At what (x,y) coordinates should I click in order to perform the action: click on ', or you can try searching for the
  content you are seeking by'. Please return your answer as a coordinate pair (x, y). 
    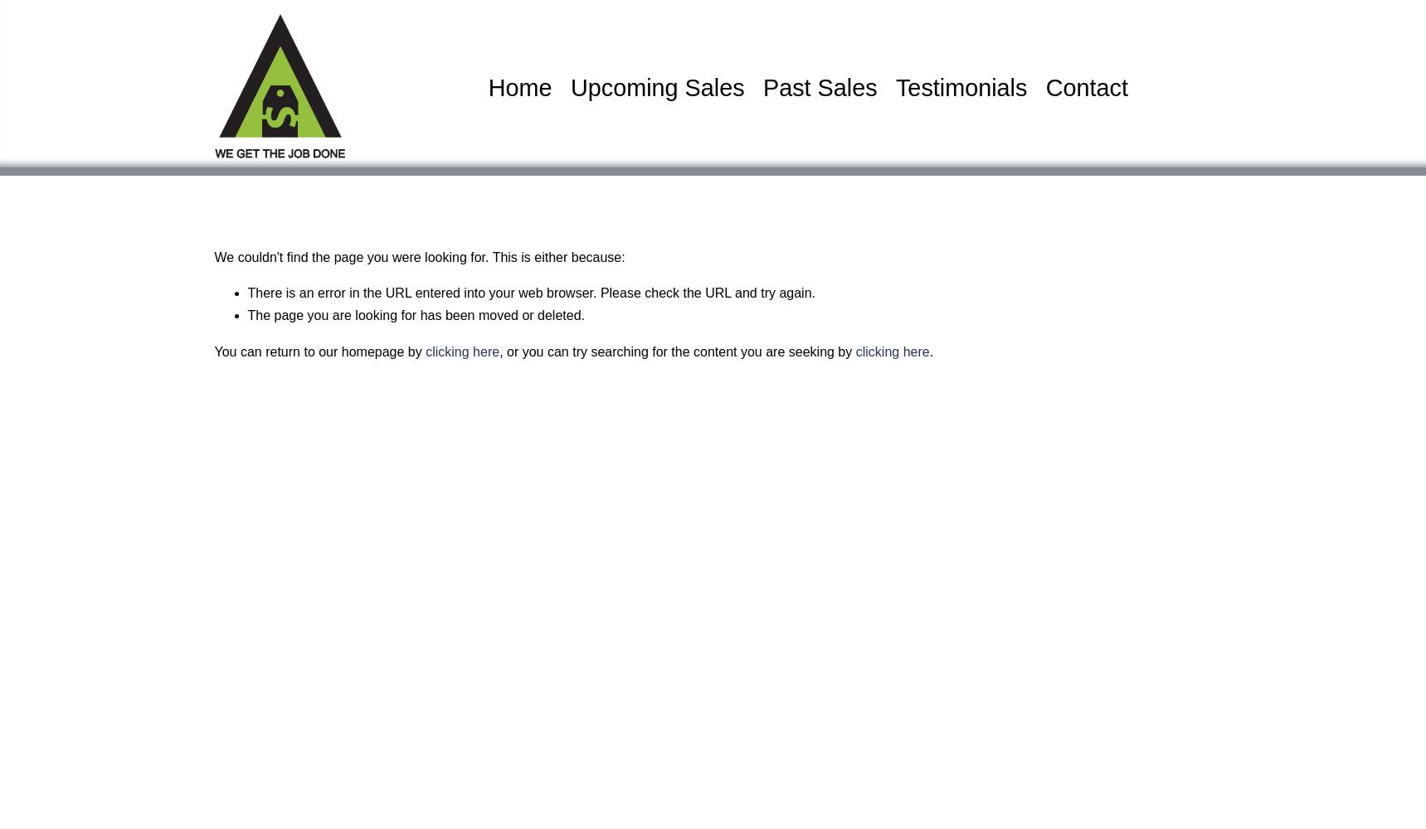
    Looking at the image, I should click on (676, 351).